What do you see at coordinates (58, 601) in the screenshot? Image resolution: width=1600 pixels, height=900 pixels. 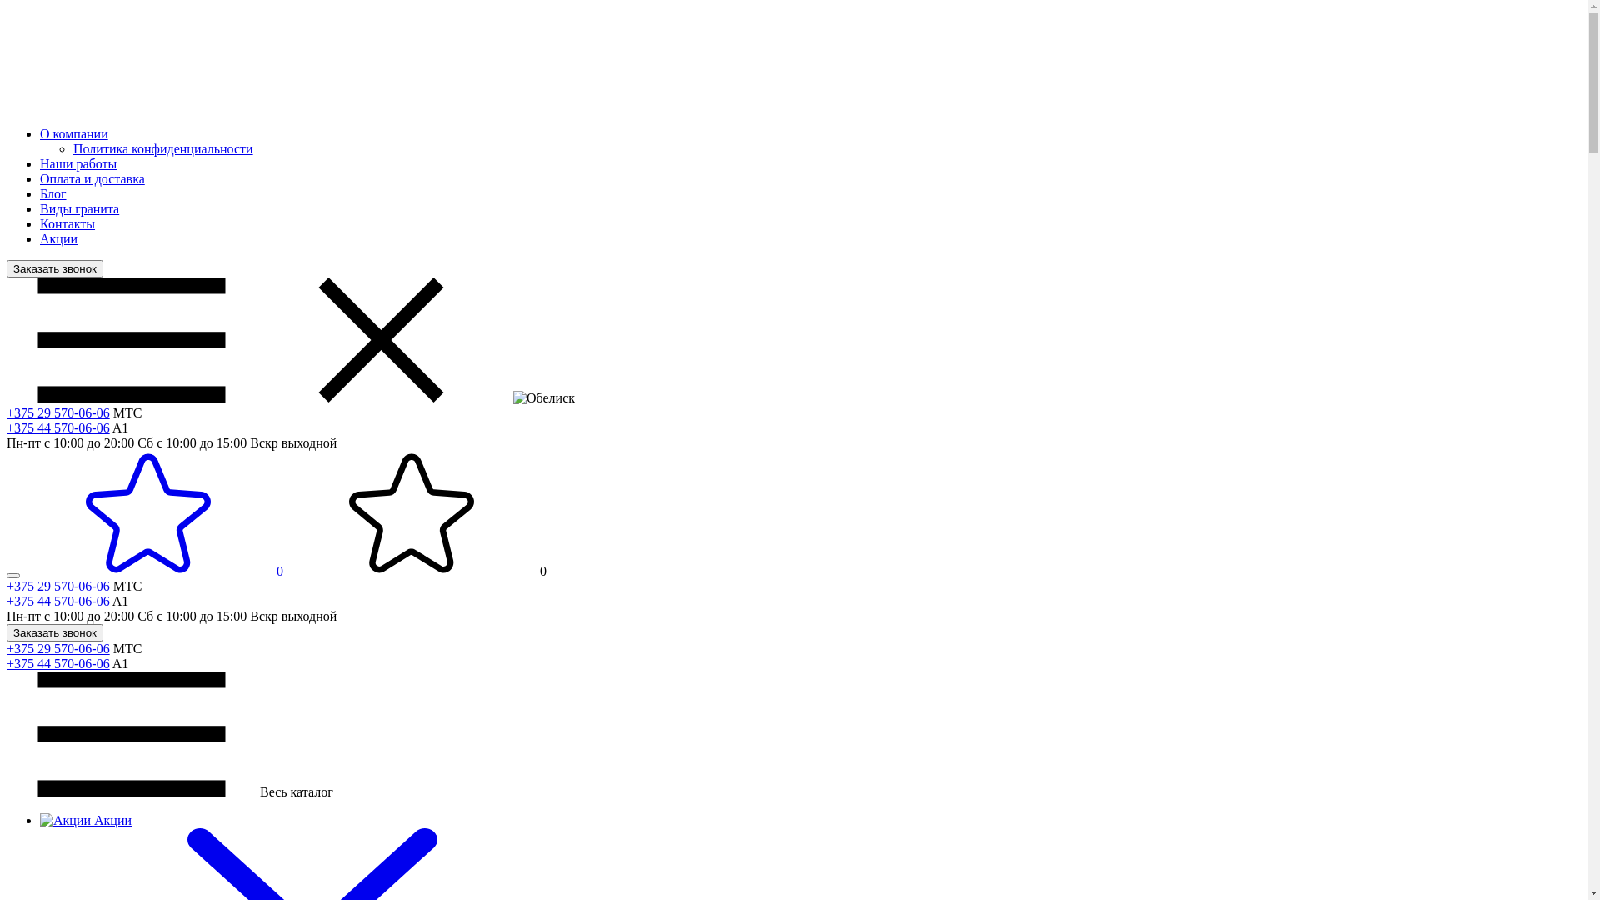 I see `'+375 44 570-06-06'` at bounding box center [58, 601].